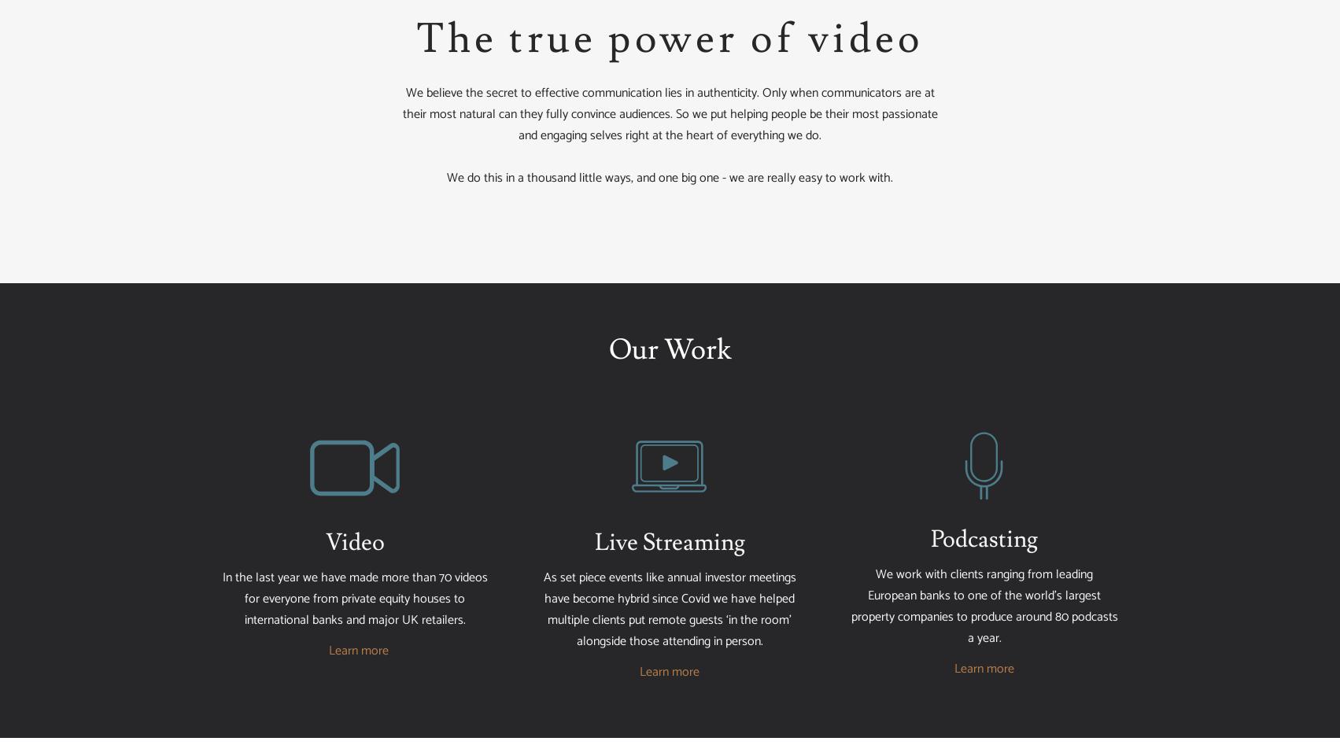 The image size is (1340, 756). I want to click on 'In the last year we have made more than 70 videos for everyone from private equity houses to international banks and major UK retailers.', so click(354, 598).